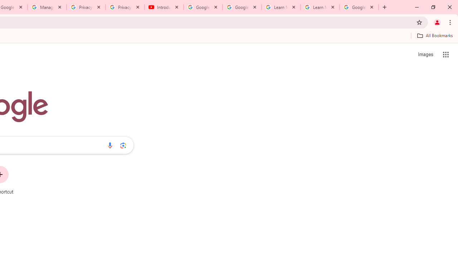  Describe the element at coordinates (359, 7) in the screenshot. I see `'Google Account'` at that location.